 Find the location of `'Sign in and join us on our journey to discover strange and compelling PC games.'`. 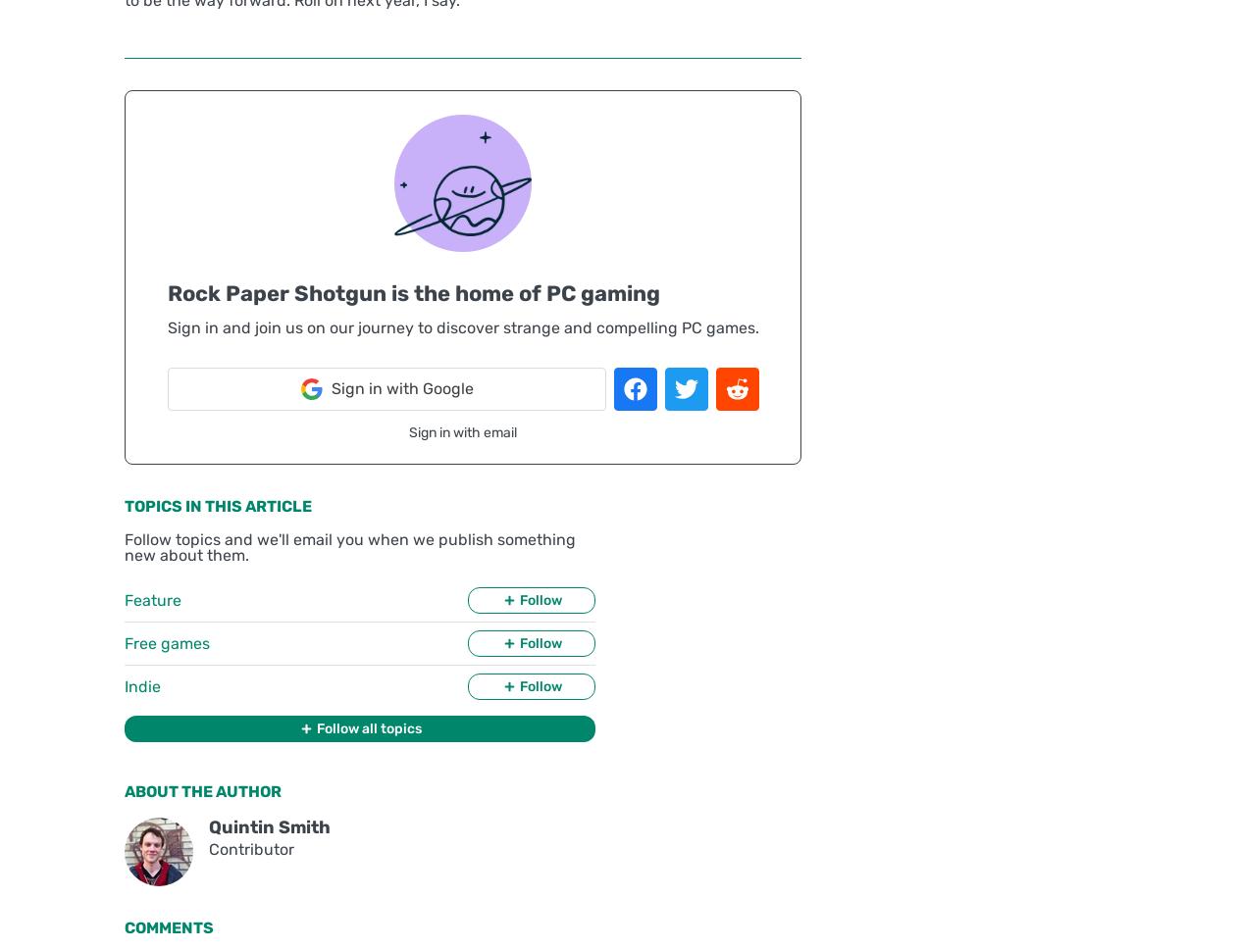

'Sign in and join us on our journey to discover strange and compelling PC games.' is located at coordinates (462, 327).